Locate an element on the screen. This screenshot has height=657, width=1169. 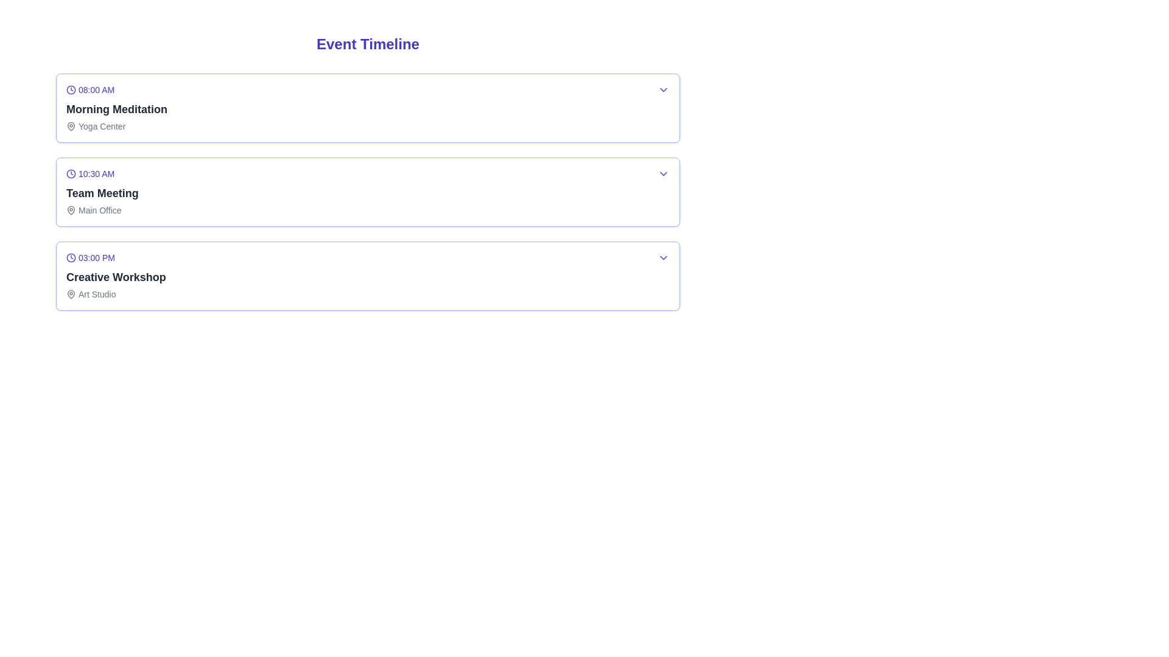
the Geographical location icon adjacent to the 'Art Studio' text in the last event entry of the timeline interface is located at coordinates (70, 293).